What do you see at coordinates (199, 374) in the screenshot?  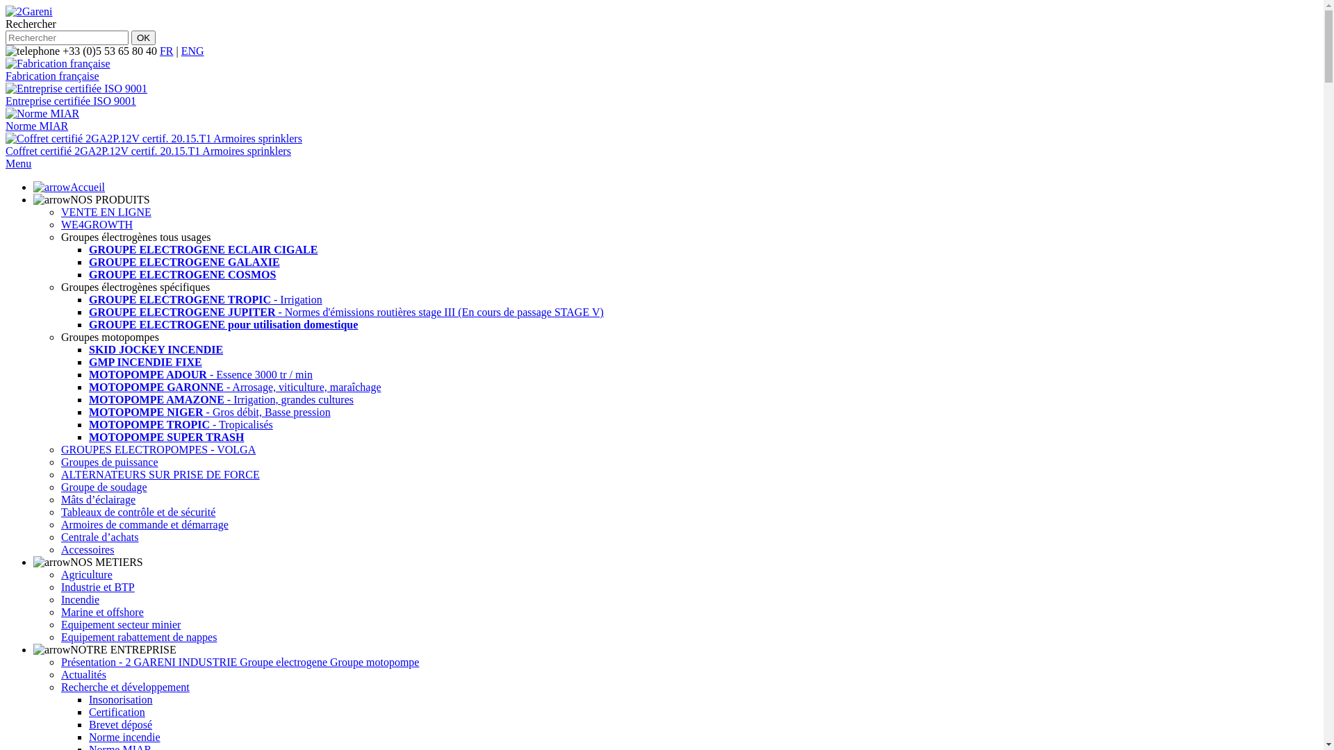 I see `'MOTOPOMPE ADOUR - Essence 3000 tr / min'` at bounding box center [199, 374].